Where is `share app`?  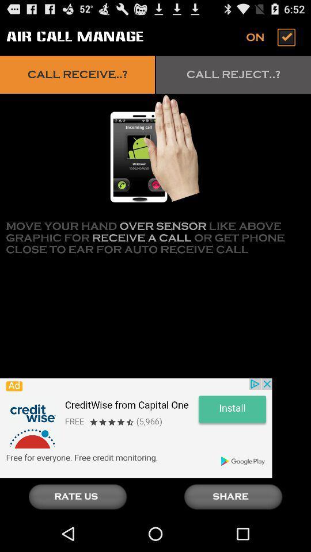
share app is located at coordinates (233, 496).